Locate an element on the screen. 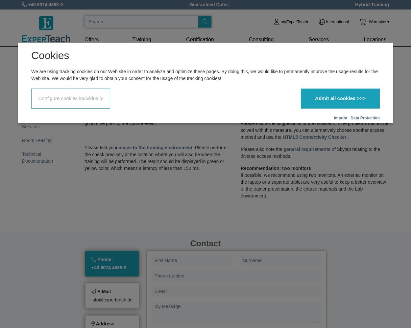  'Recommendation: two monitors' is located at coordinates (275, 168).